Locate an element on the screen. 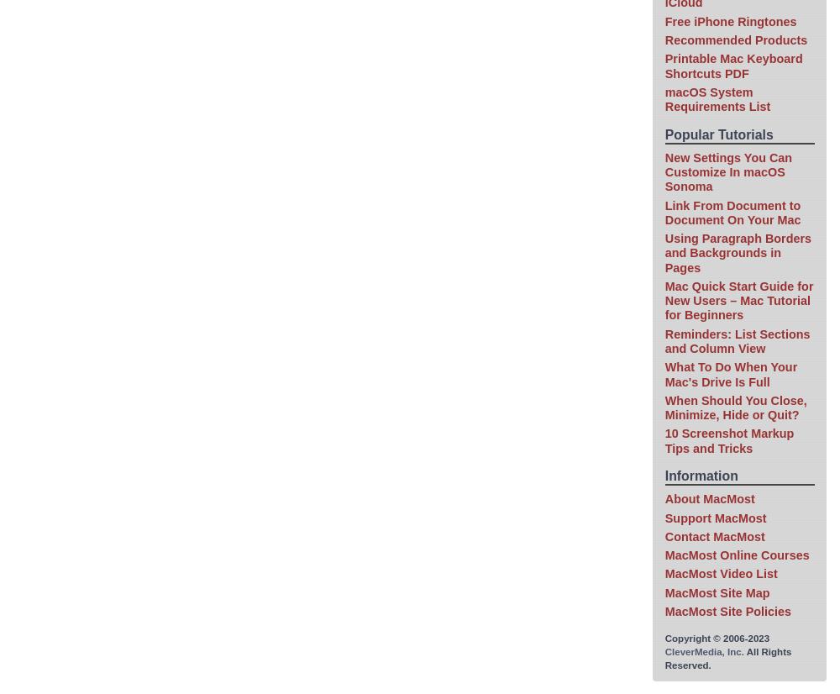  'MacMost Video List' is located at coordinates (720, 573).